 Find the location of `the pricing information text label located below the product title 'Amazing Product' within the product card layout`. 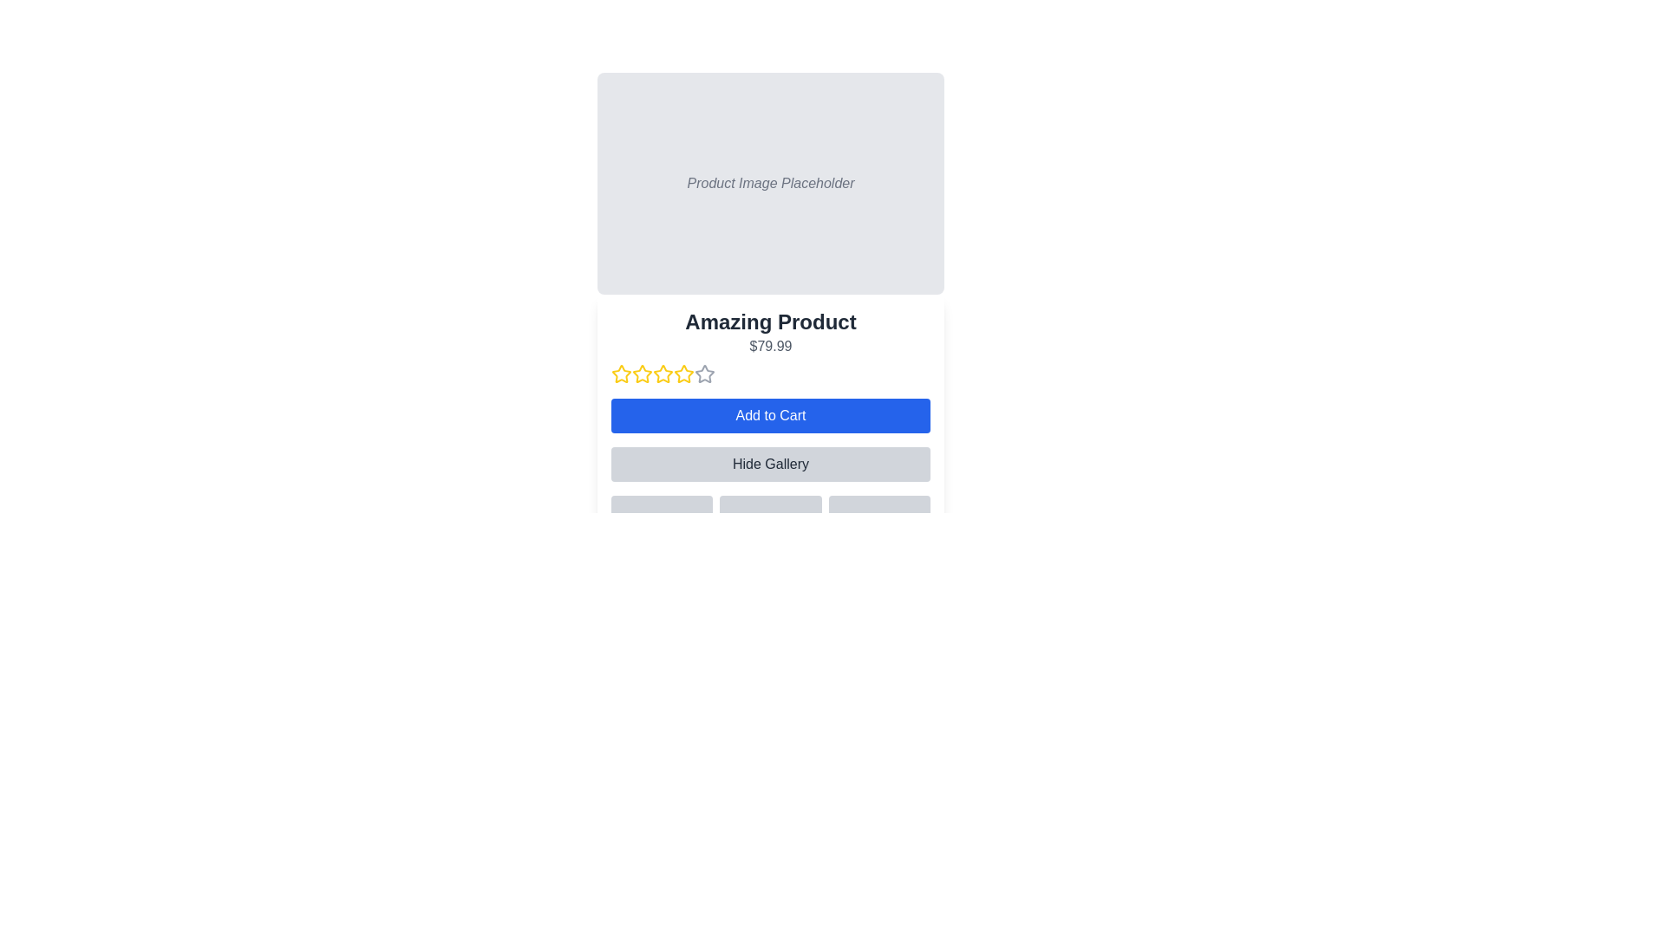

the pricing information text label located below the product title 'Amazing Product' within the product card layout is located at coordinates (769, 347).